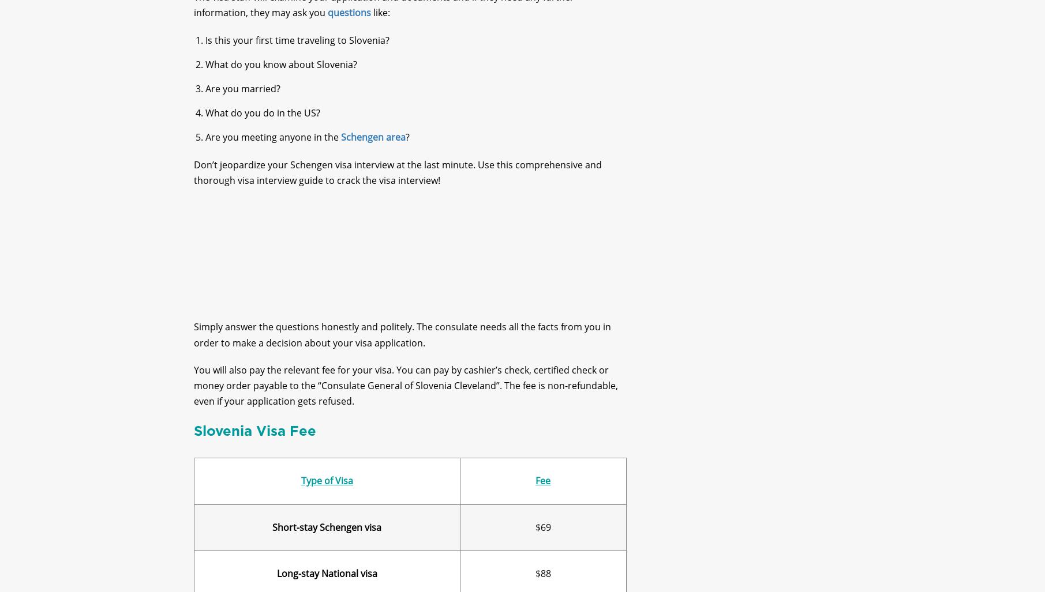  Describe the element at coordinates (542, 536) in the screenshot. I see `'$69'` at that location.